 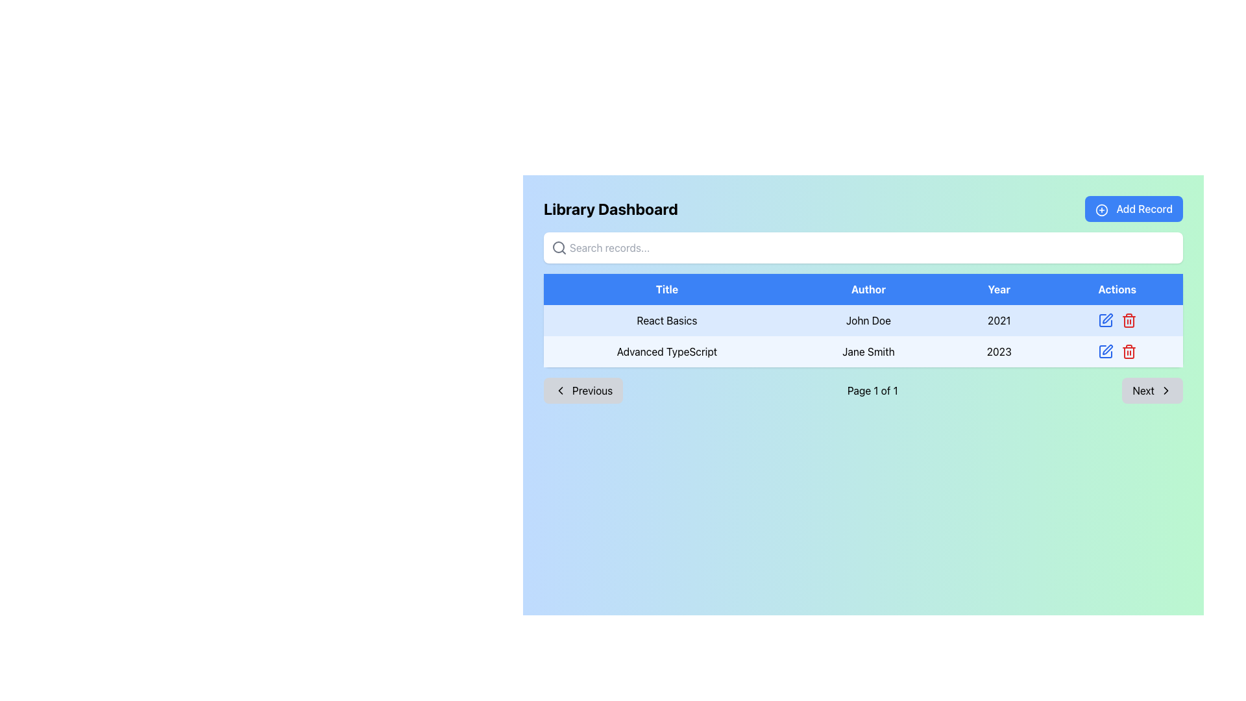 What do you see at coordinates (1105, 320) in the screenshot?
I see `the 'Edit' button, which is a rectangular icon with rounded corners located in the 'Actions' column of the table's last row` at bounding box center [1105, 320].